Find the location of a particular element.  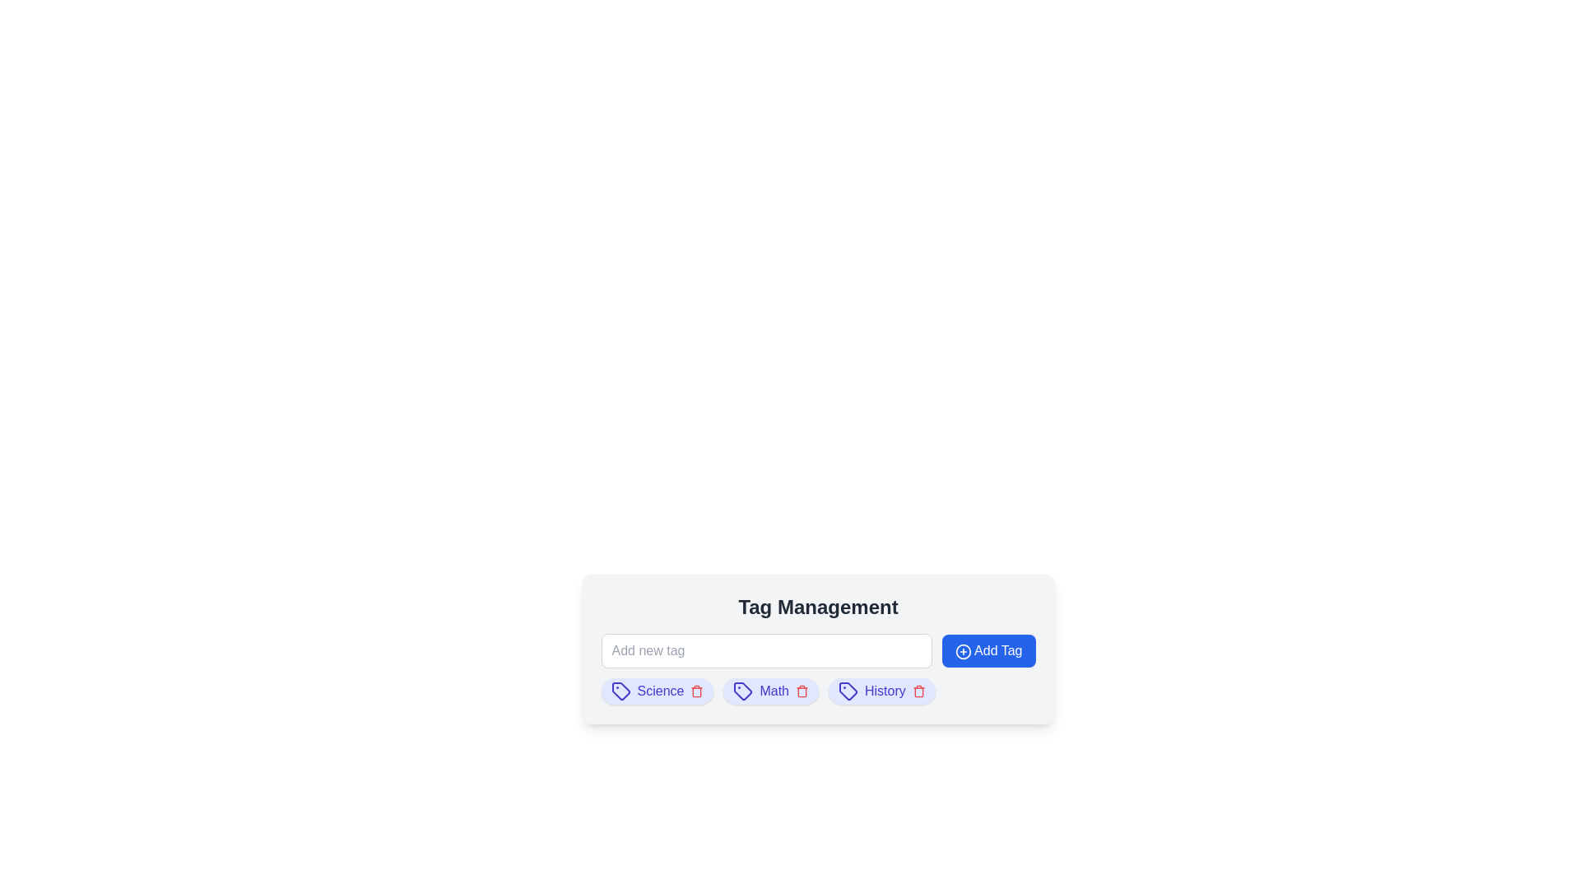

the 'Add Tag' button located at the rightmost position of the 'Tag Management' section is located at coordinates (987, 649).